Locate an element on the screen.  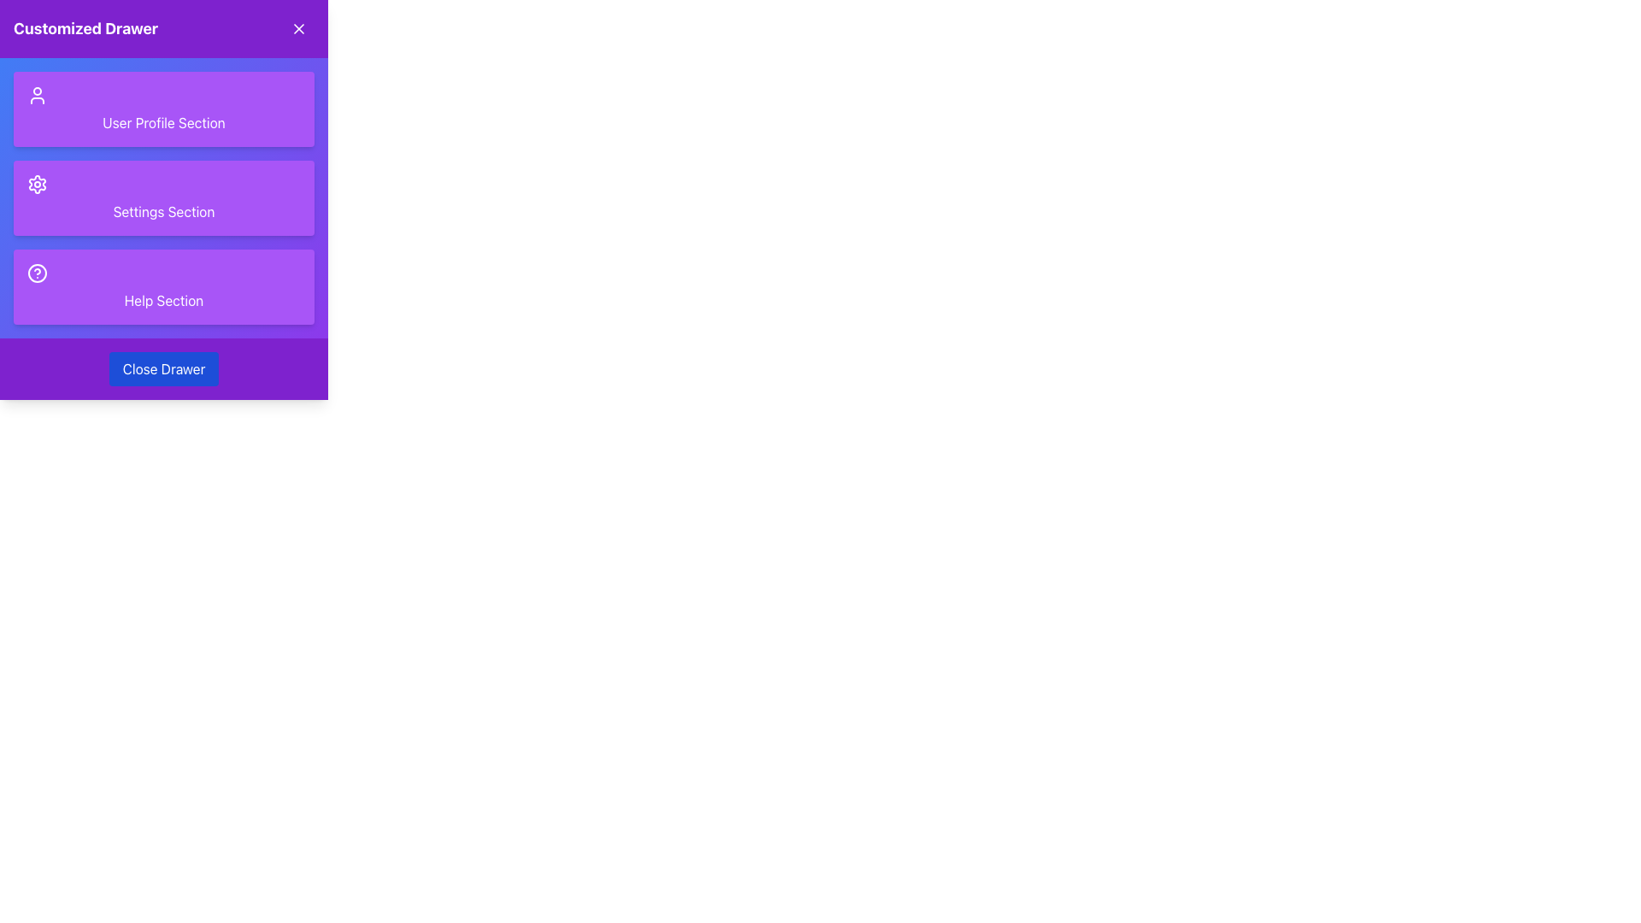
the small graphical icon in the form of a diagonal cross located near the top-right corner of the interface is located at coordinates (299, 29).